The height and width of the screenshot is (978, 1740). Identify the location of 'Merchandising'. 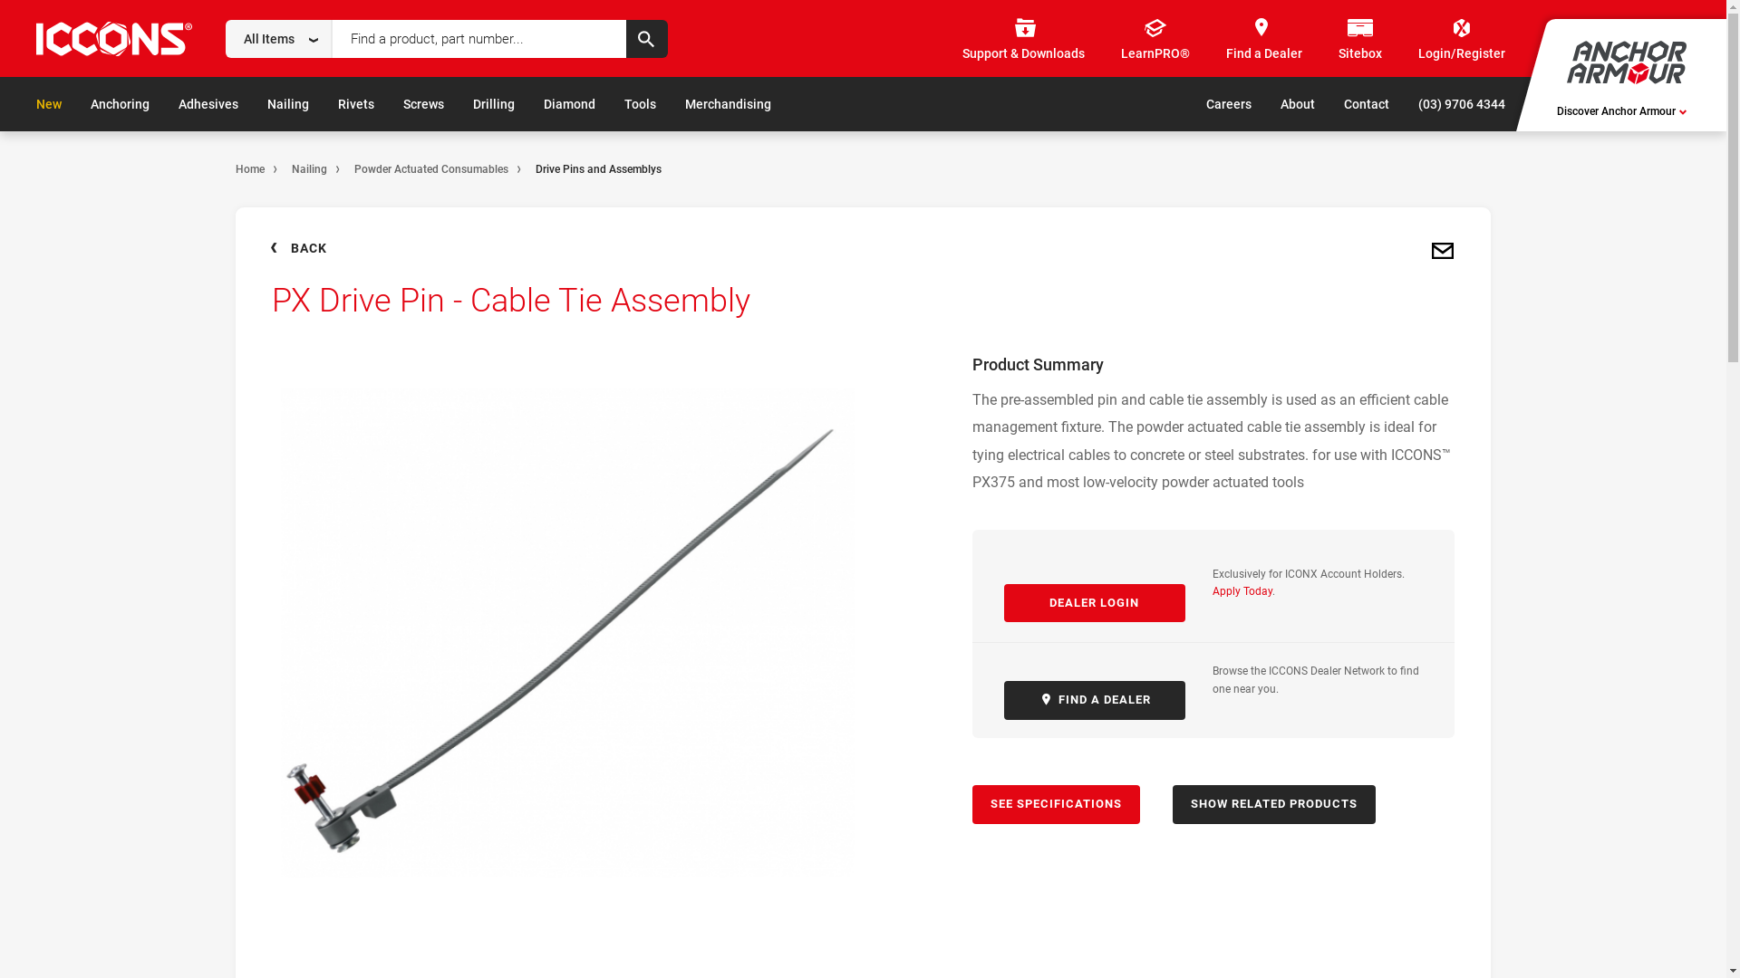
(683, 104).